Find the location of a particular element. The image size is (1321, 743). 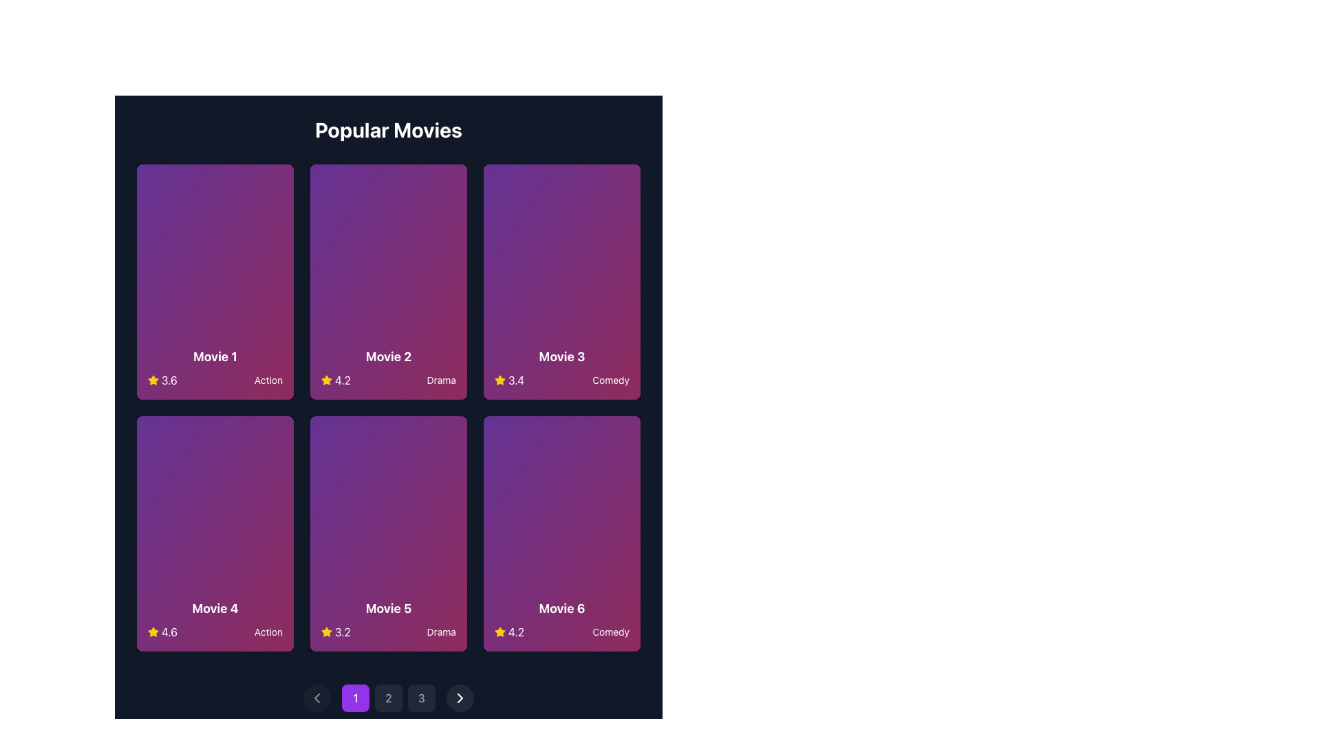

details of the text label displaying 'Movie 6' in bold white font, located at the bottom of a gradient purple background card in the lower right corner of the grid is located at coordinates (561, 607).